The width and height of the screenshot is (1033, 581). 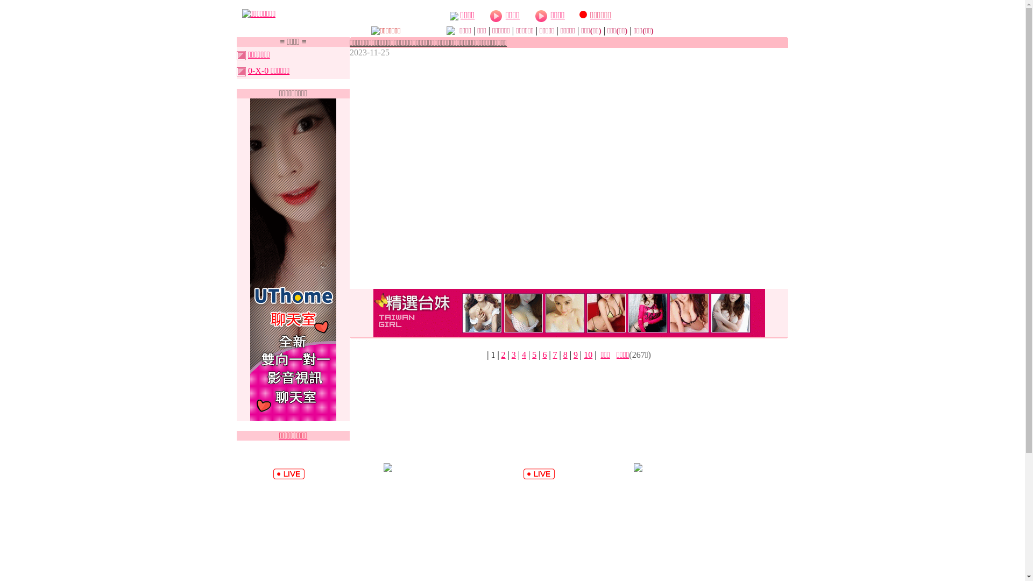 I want to click on '7', so click(x=555, y=355).